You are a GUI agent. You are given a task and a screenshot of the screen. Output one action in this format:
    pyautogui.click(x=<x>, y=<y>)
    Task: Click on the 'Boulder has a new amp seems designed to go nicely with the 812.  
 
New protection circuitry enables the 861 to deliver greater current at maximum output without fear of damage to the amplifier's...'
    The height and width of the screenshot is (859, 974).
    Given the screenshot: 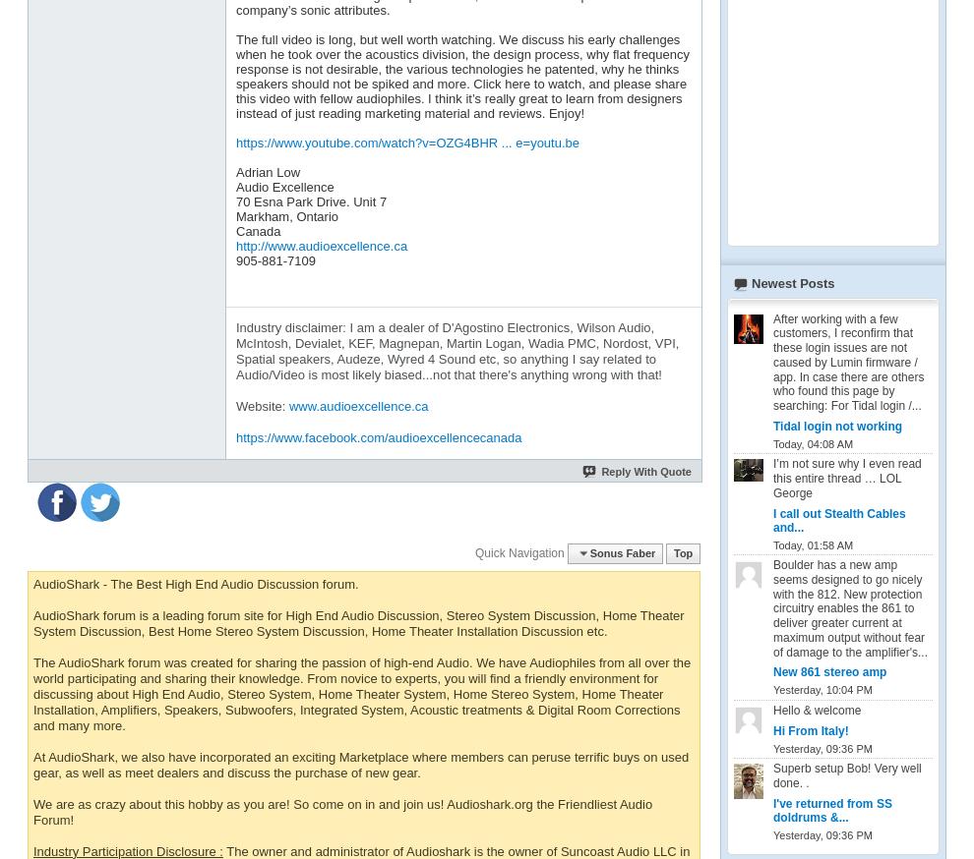 What is the action you would take?
    pyautogui.click(x=850, y=606)
    